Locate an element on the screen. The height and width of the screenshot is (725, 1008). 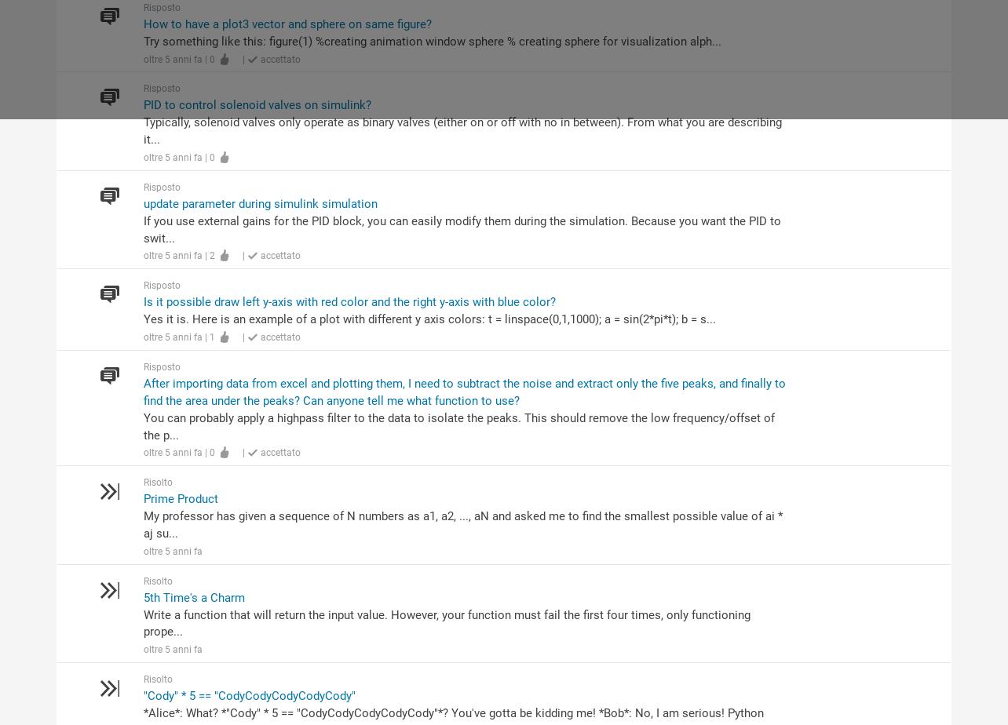
'update parameter during simulink simulation' is located at coordinates (260, 202).